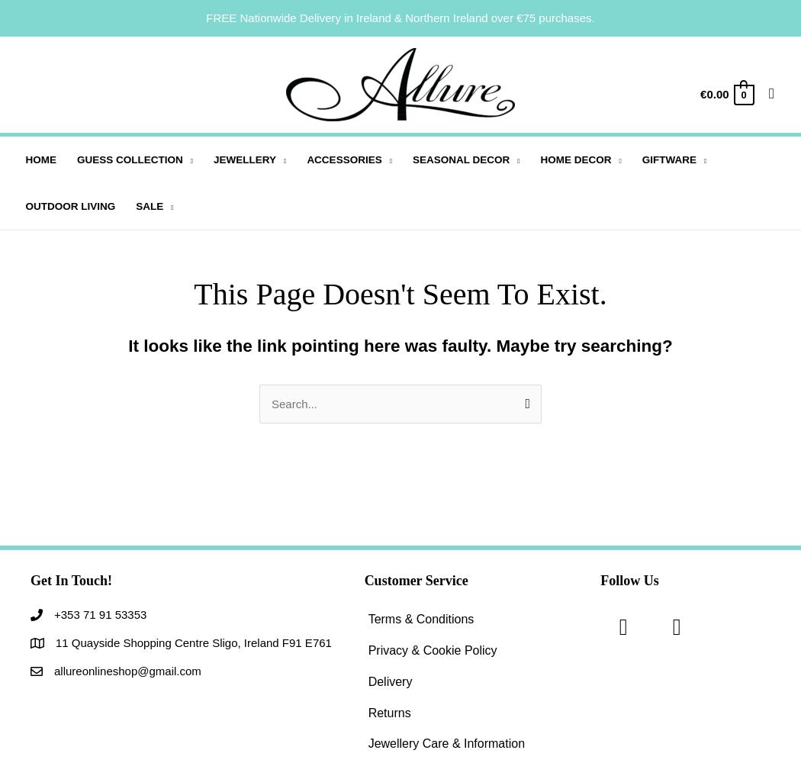 Image resolution: width=801 pixels, height=763 pixels. What do you see at coordinates (412, 159) in the screenshot?
I see `'SEASONAL DECOR'` at bounding box center [412, 159].